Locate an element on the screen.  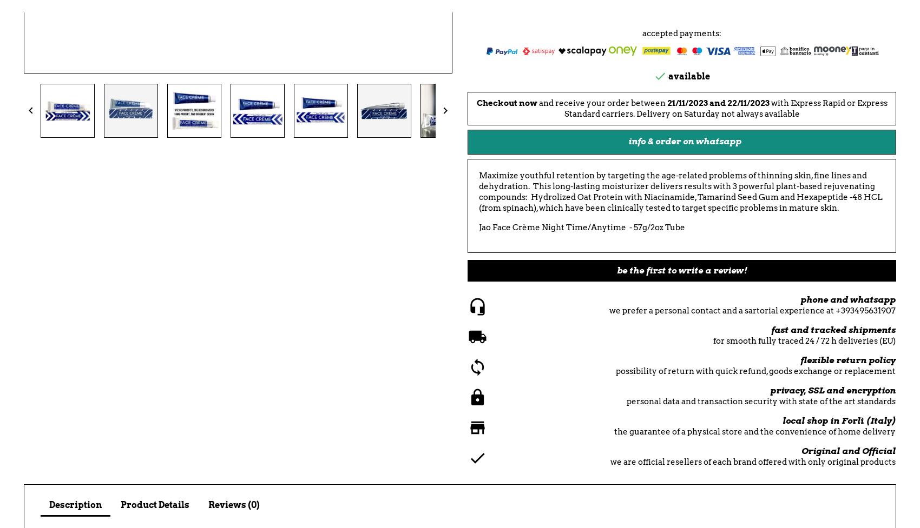
'local shop in Forlì (Italy)' is located at coordinates (839, 420).